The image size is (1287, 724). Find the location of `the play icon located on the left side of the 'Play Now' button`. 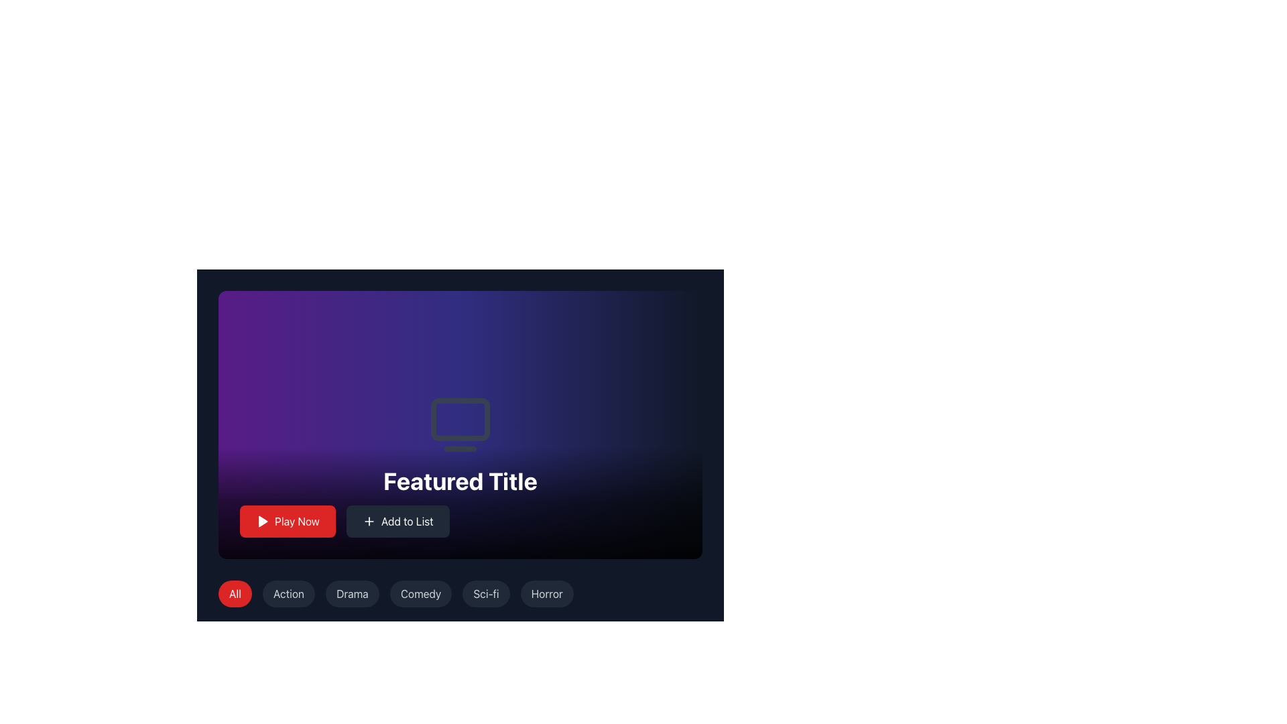

the play icon located on the left side of the 'Play Now' button is located at coordinates (263, 521).